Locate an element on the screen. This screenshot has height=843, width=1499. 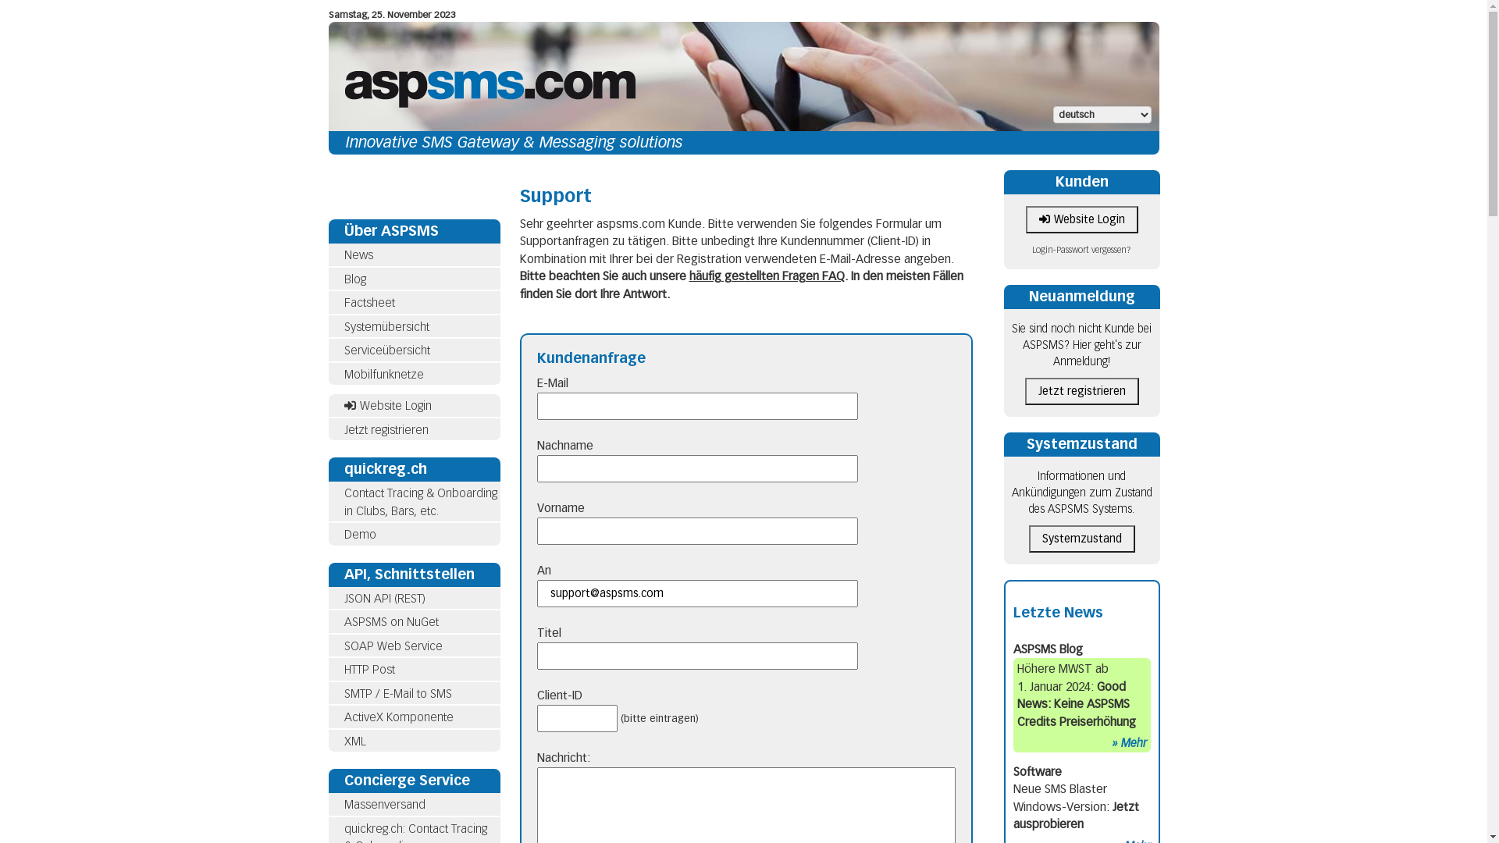
'Jetzt registrieren' is located at coordinates (1081, 390).